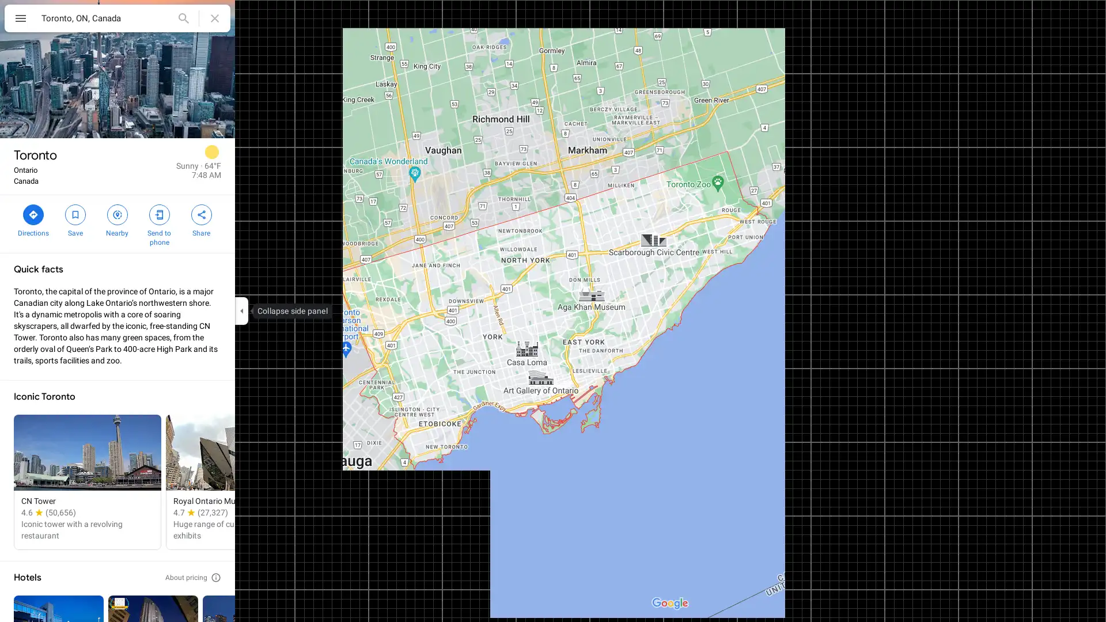  What do you see at coordinates (241, 311) in the screenshot?
I see `Collapse side panel` at bounding box center [241, 311].